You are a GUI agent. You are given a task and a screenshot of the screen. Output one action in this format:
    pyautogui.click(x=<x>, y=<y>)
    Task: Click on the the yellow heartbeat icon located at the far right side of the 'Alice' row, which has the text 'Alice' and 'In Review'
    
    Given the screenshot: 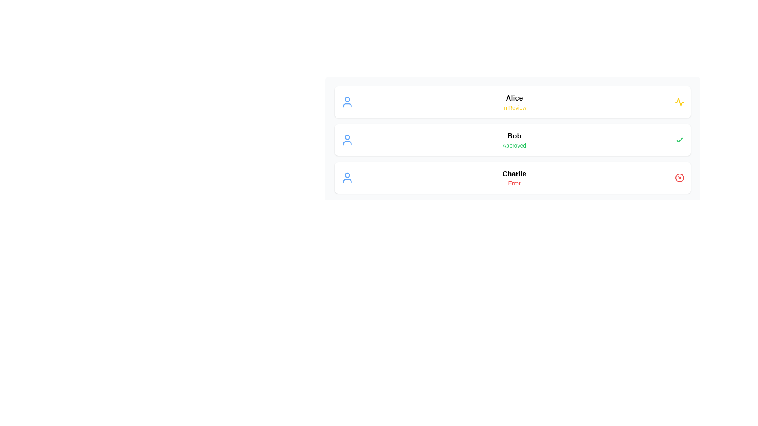 What is the action you would take?
    pyautogui.click(x=679, y=101)
    